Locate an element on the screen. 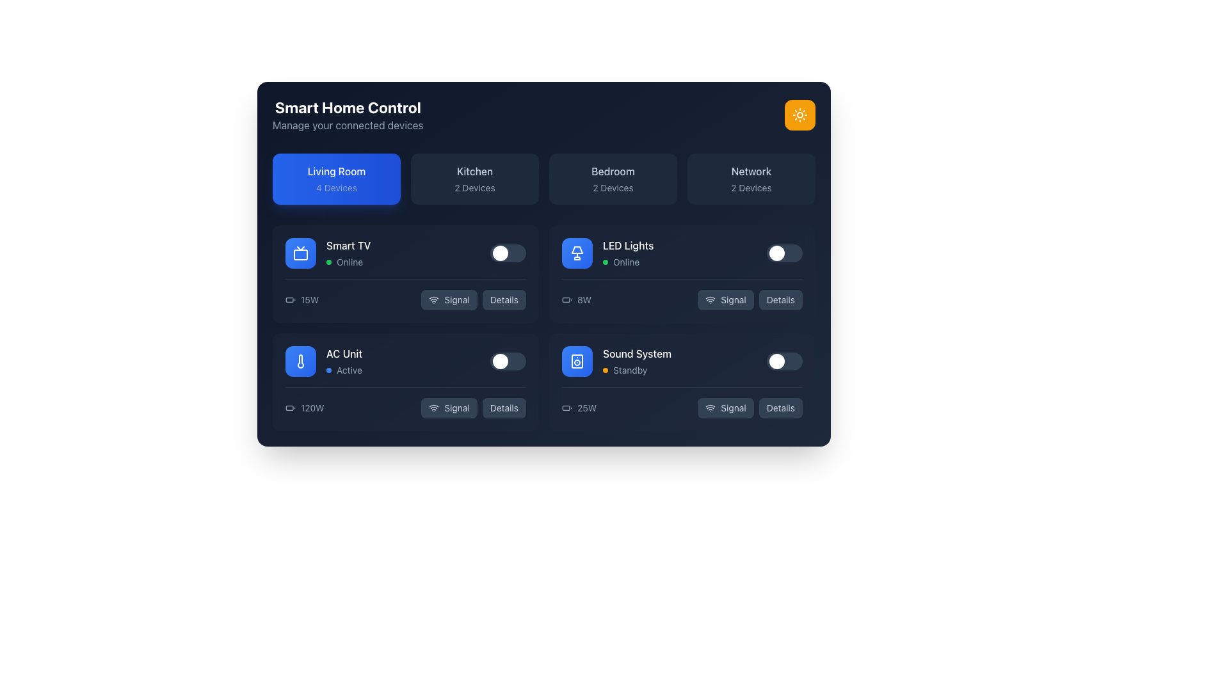 This screenshot has height=691, width=1229. the button in the second column, second row of the grid layout, which is adjacent to the button labeled 'Signal' for interactive effects is located at coordinates (780, 300).